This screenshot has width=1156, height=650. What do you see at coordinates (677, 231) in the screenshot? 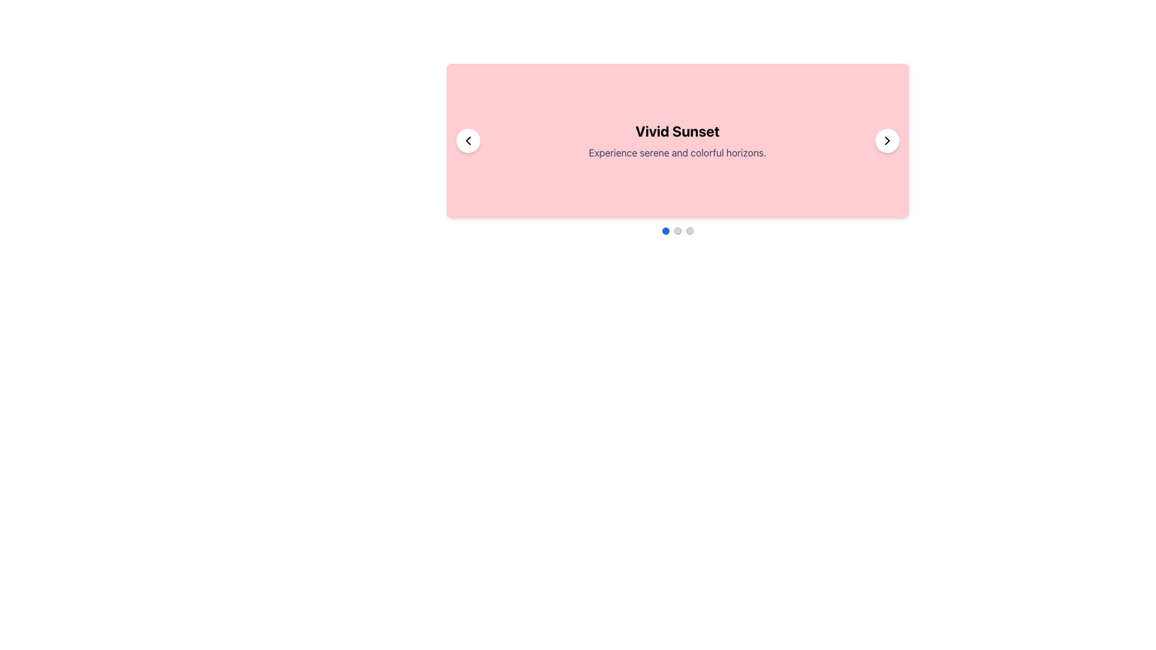
I see `the second indicator button in the carousel` at bounding box center [677, 231].